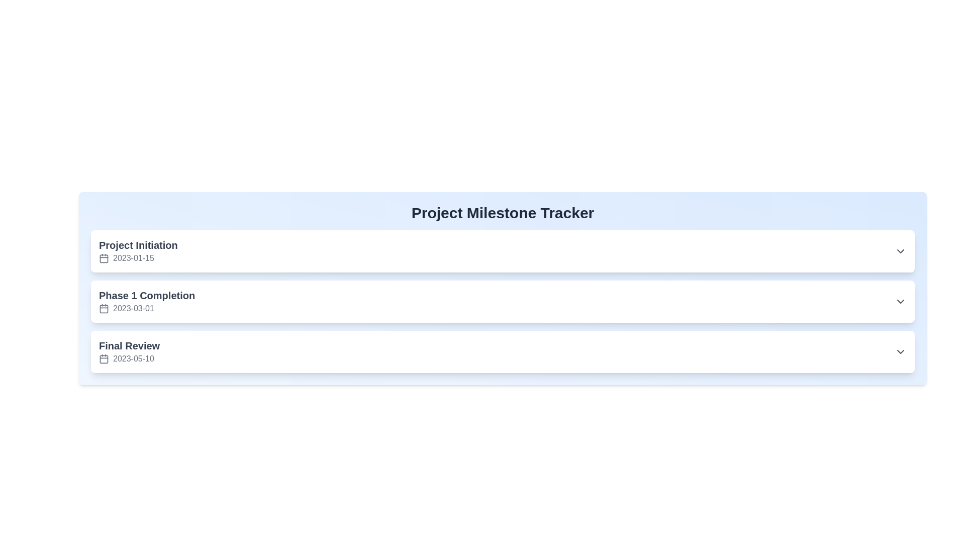  I want to click on the SVG graphical icon that signifies the 'date' functionality, located to the left of the '2023-05-10' date text in the 'Final Review' section, so click(104, 358).